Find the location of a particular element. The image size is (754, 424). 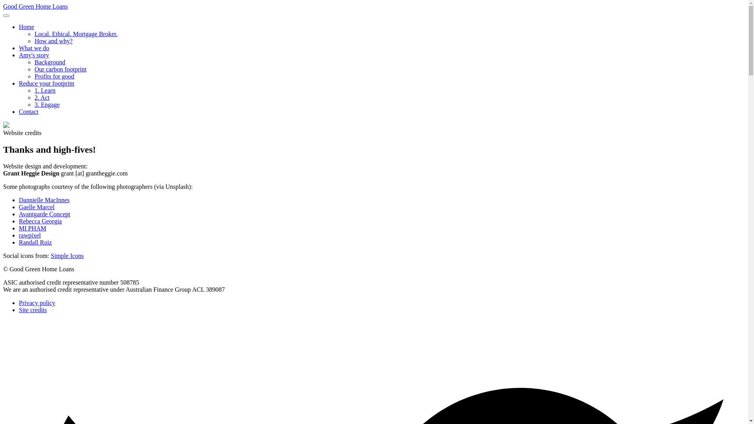

'Good Green Home Loans' is located at coordinates (35, 6).